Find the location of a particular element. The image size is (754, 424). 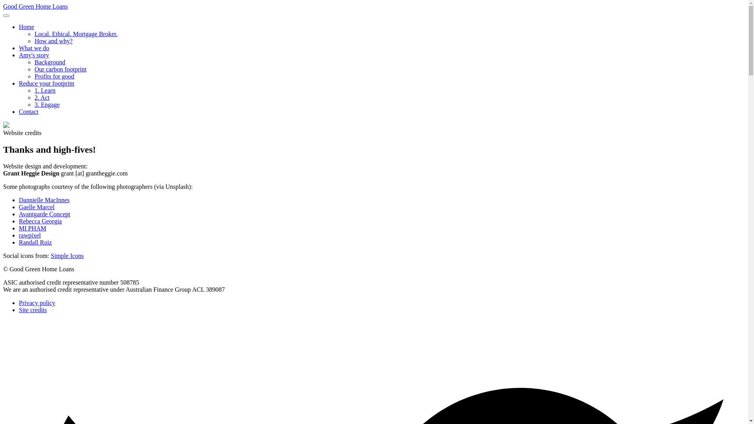

'Good Green Home Loans' is located at coordinates (35, 6).